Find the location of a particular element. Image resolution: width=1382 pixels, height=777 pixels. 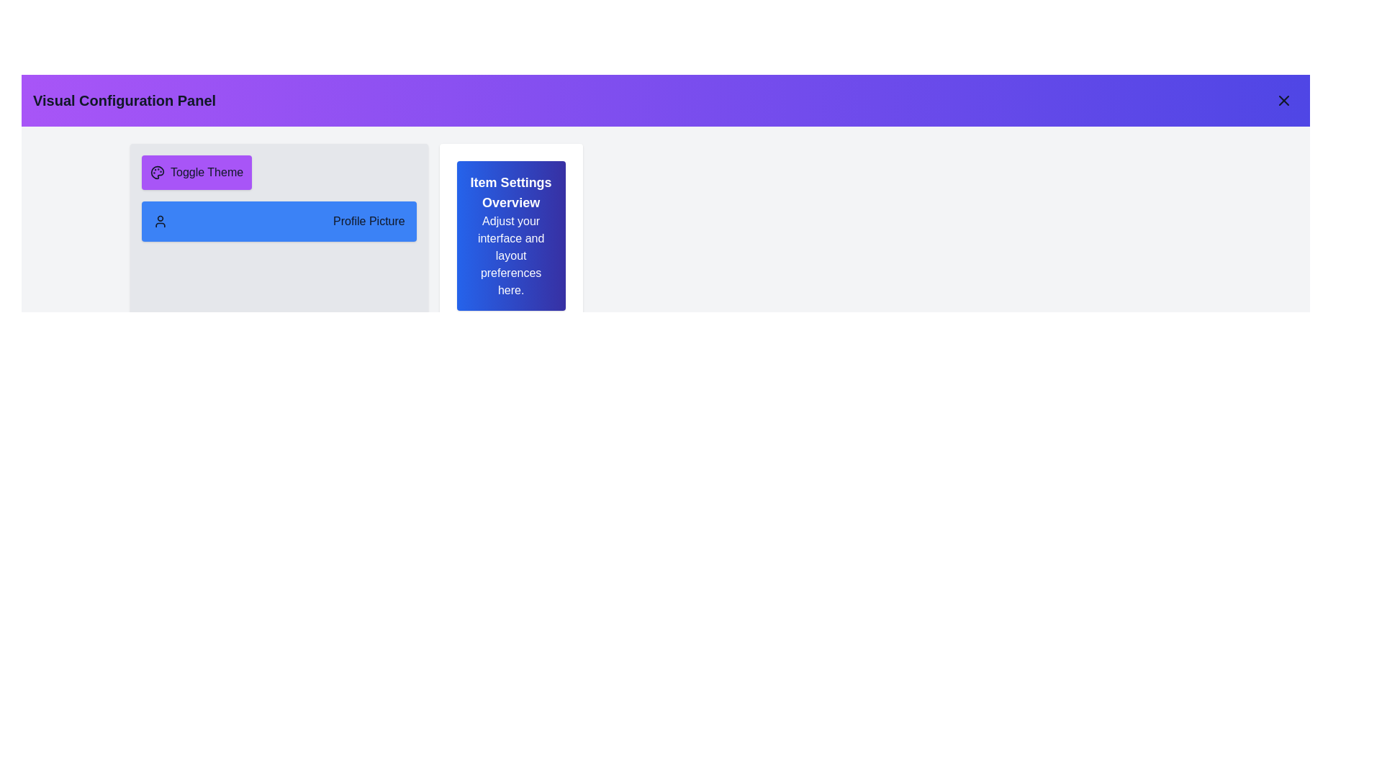

the profile picture button located below the 'Toggle Theme' button in the middle section of the card-like frame to invoke related actions is located at coordinates (279, 222).